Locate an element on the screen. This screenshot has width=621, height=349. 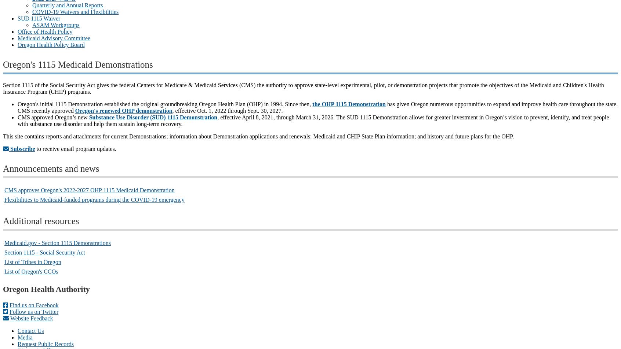
'Oregon Health Authority' is located at coordinates (2, 289).